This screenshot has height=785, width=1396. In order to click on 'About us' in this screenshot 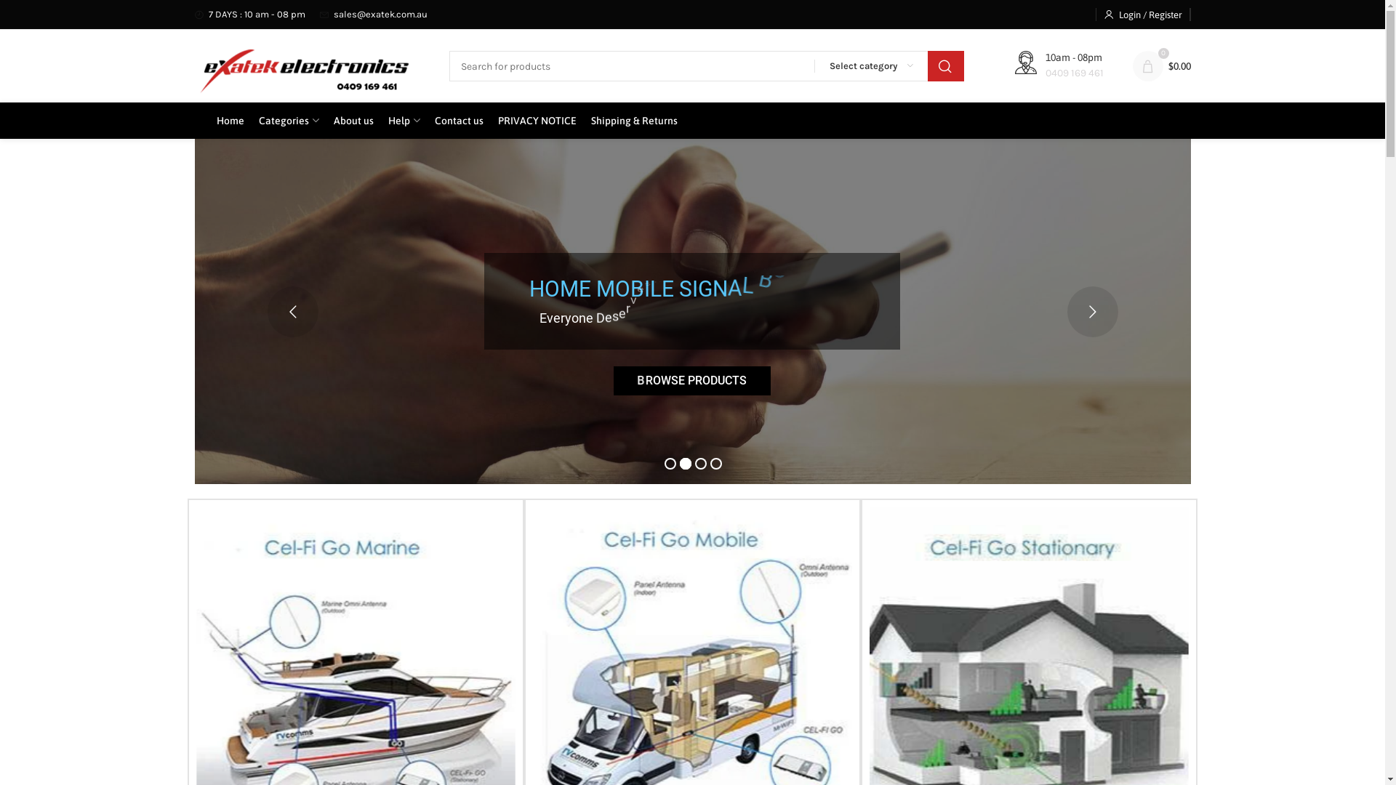, I will do `click(353, 119)`.